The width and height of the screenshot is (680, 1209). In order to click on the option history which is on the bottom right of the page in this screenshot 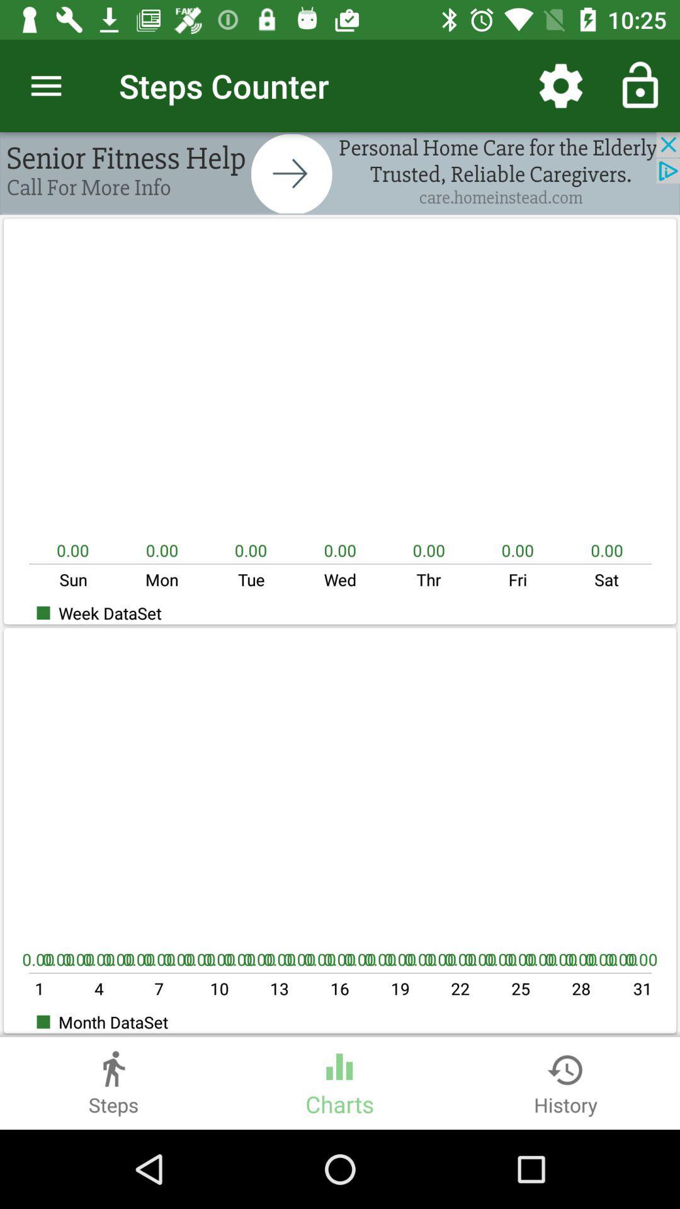, I will do `click(565, 1082)`.